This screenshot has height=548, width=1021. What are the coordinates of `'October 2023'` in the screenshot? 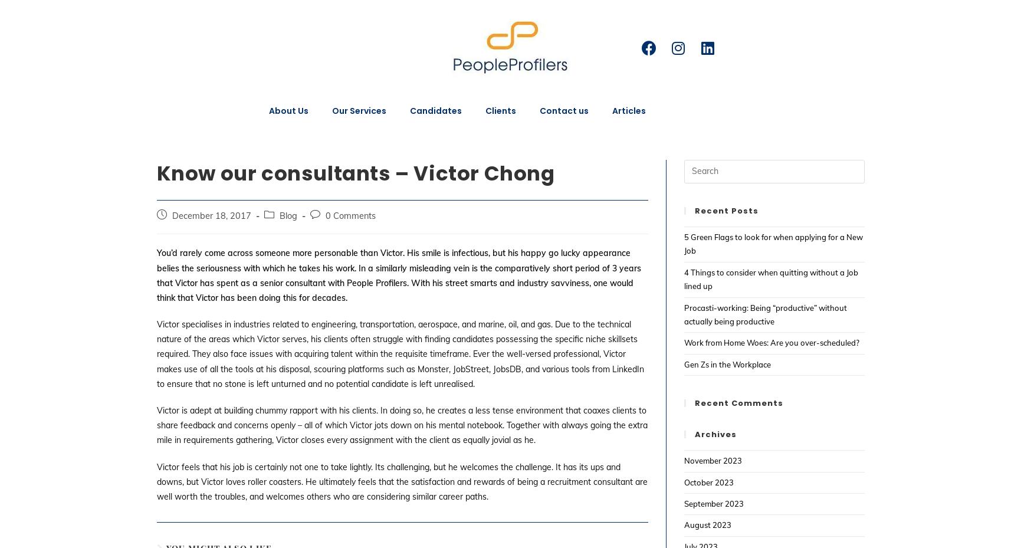 It's located at (684, 481).